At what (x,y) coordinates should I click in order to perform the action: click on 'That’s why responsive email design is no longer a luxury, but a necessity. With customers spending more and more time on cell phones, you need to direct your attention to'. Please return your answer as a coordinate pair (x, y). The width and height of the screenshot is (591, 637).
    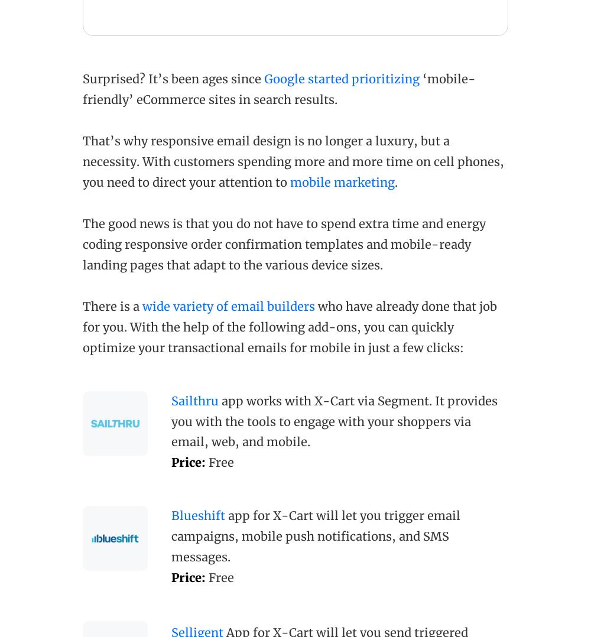
    Looking at the image, I should click on (293, 161).